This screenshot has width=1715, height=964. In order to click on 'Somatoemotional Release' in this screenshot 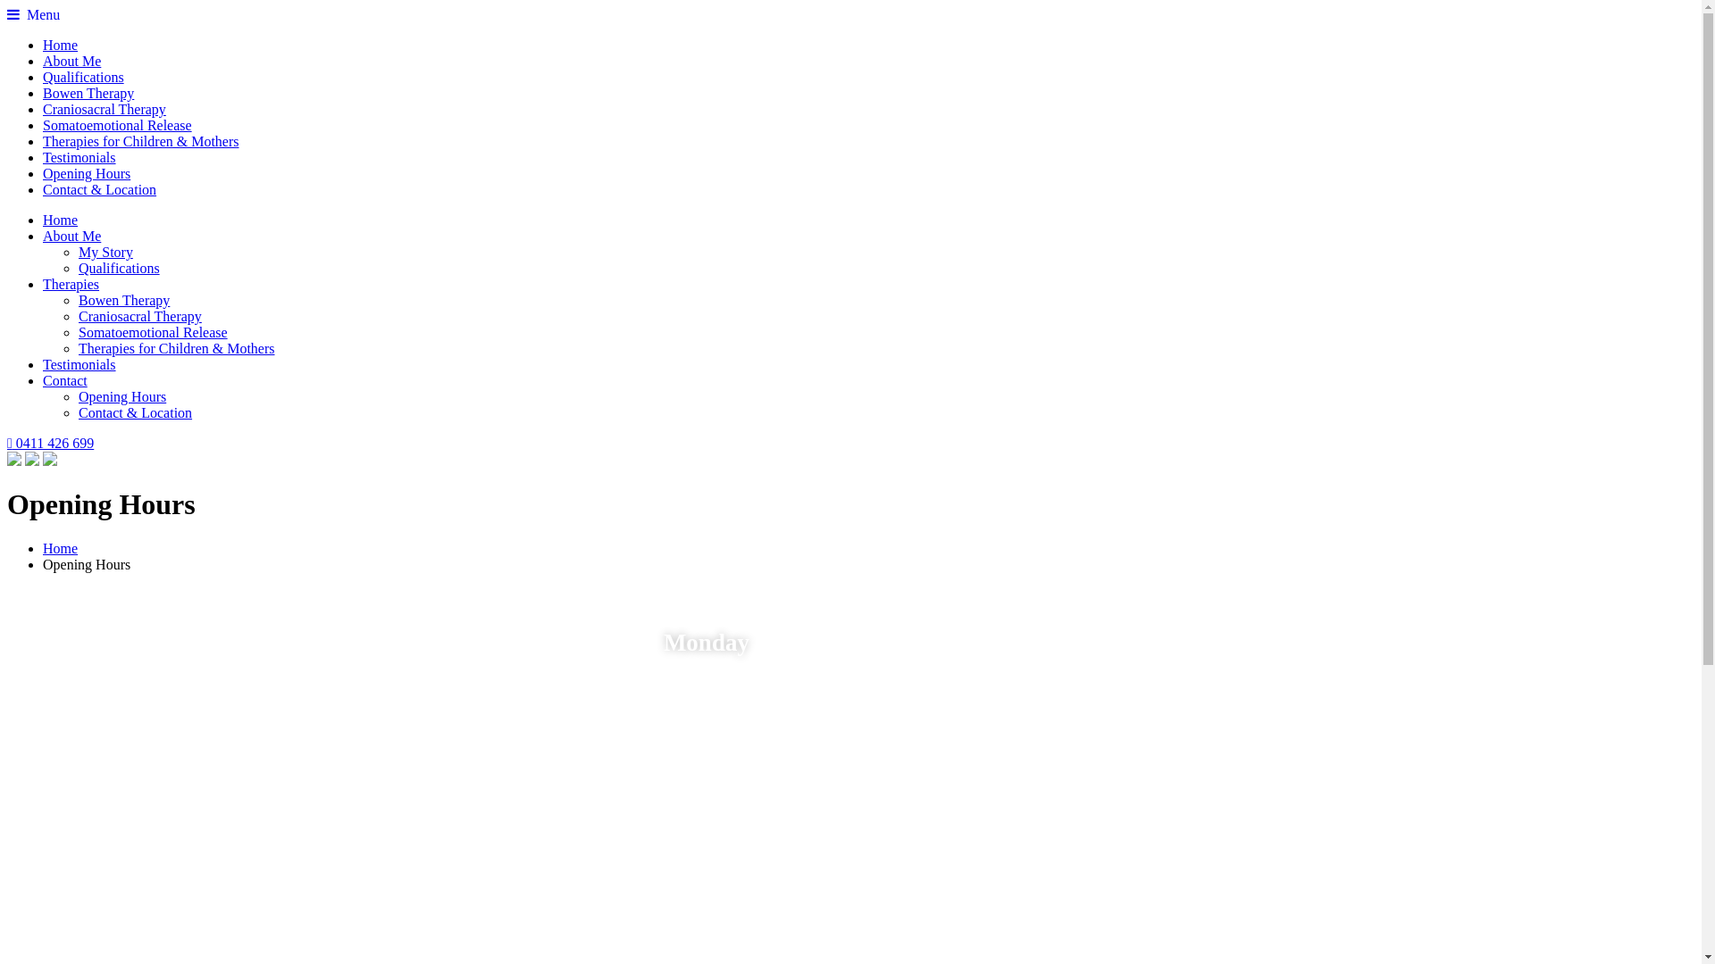, I will do `click(116, 124)`.